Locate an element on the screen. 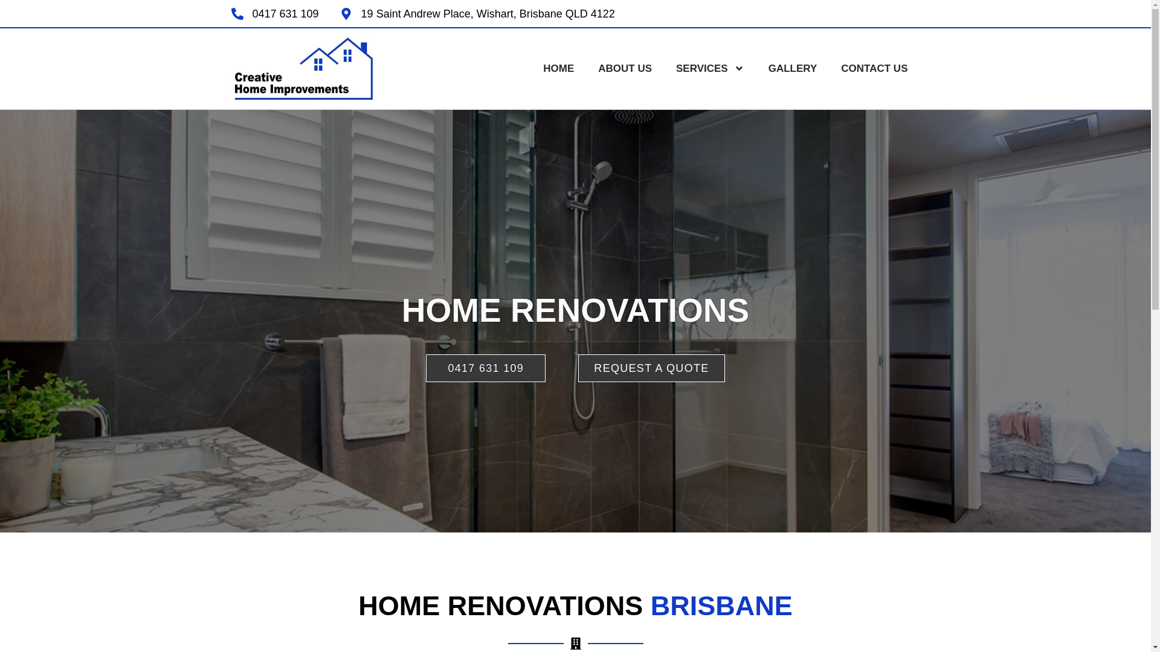 The height and width of the screenshot is (652, 1160). '0417 631 109' is located at coordinates (231, 13).